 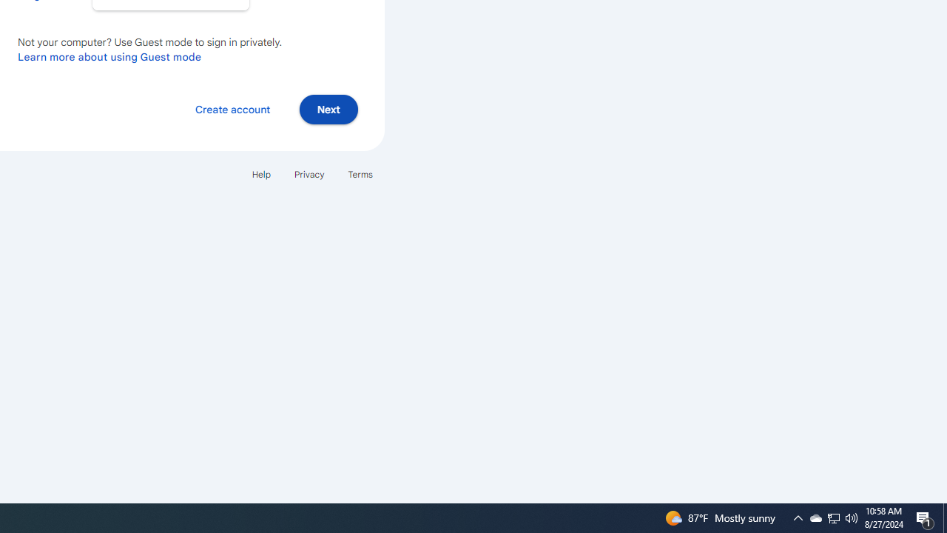 What do you see at coordinates (232, 108) in the screenshot?
I see `'Create account'` at bounding box center [232, 108].